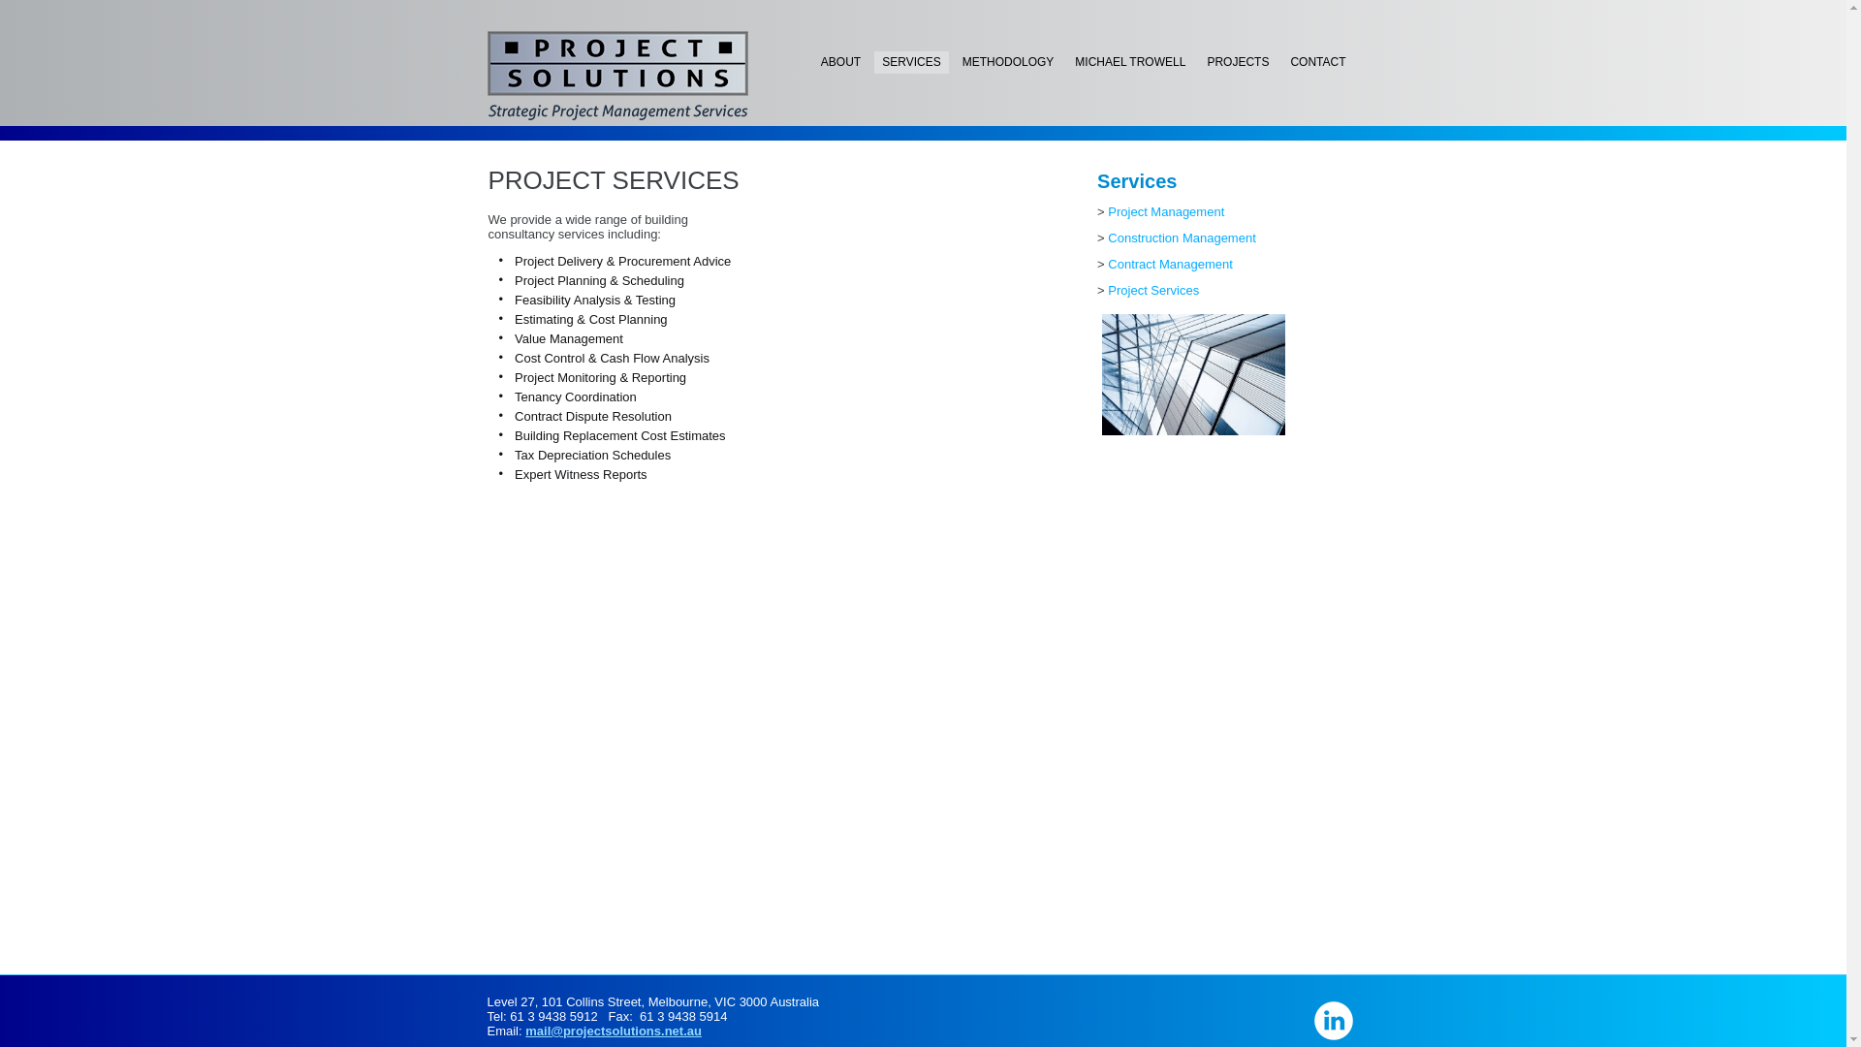  What do you see at coordinates (1165, 211) in the screenshot?
I see `'Project Management'` at bounding box center [1165, 211].